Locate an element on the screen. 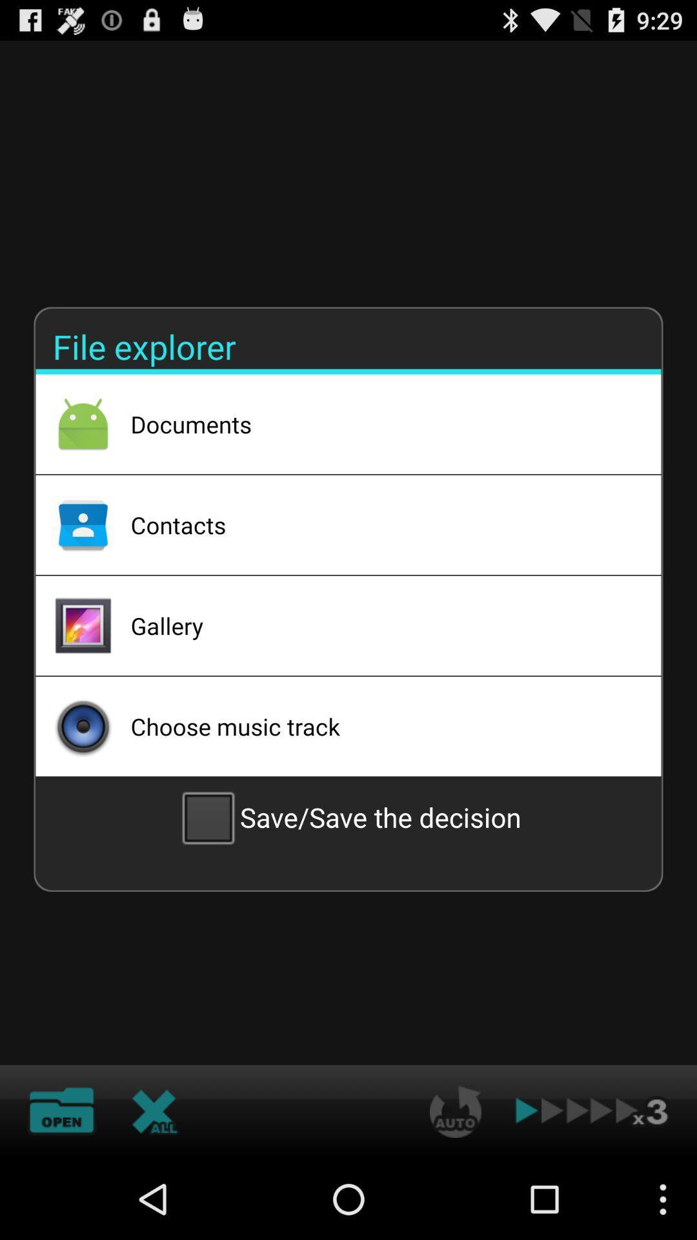  icon below the choose music track is located at coordinates (348, 816).